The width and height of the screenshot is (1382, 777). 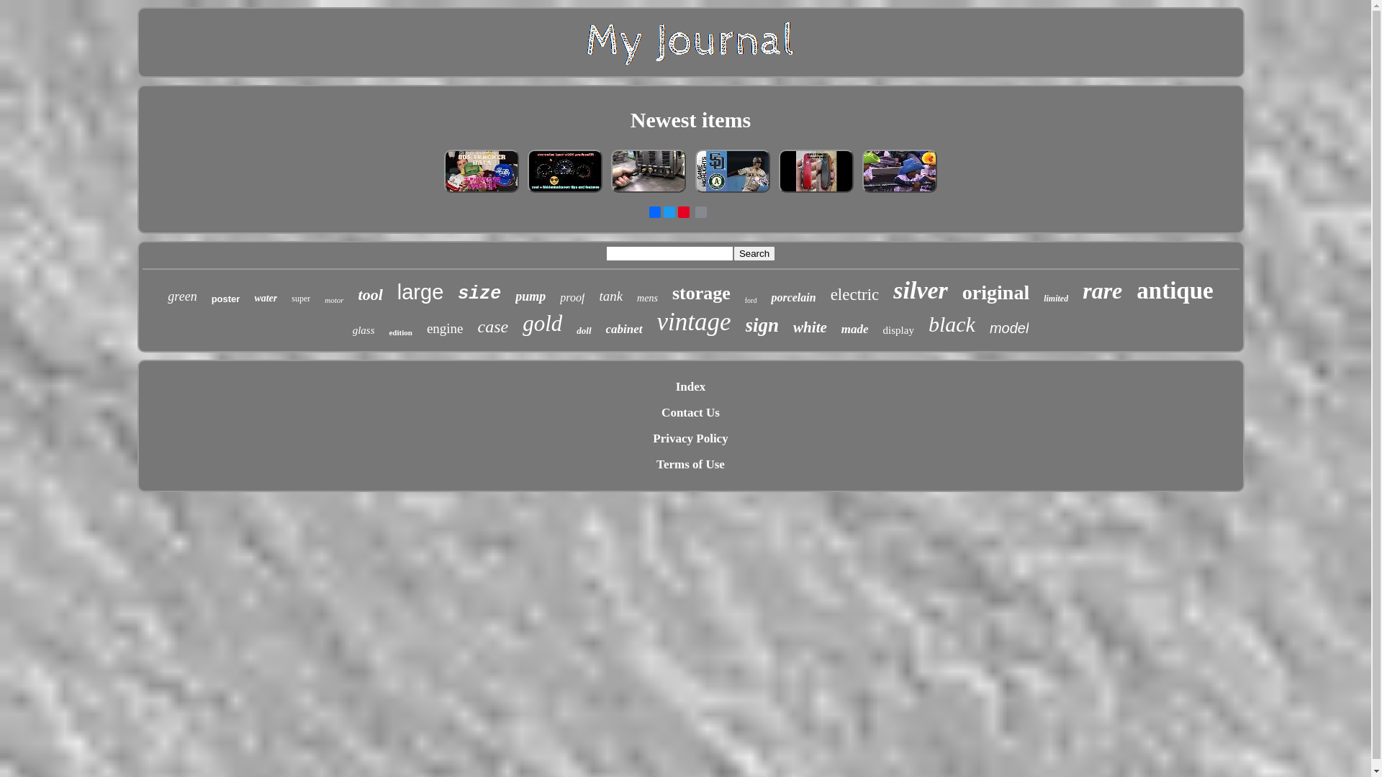 What do you see at coordinates (610, 296) in the screenshot?
I see `'tank'` at bounding box center [610, 296].